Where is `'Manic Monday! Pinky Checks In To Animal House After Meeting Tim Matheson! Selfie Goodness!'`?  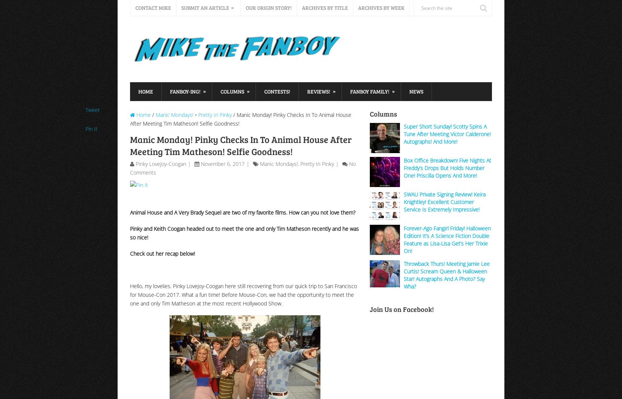
'Manic Monday! Pinky Checks In To Animal House After Meeting Tim Matheson! Selfie Goodness!' is located at coordinates (241, 145).